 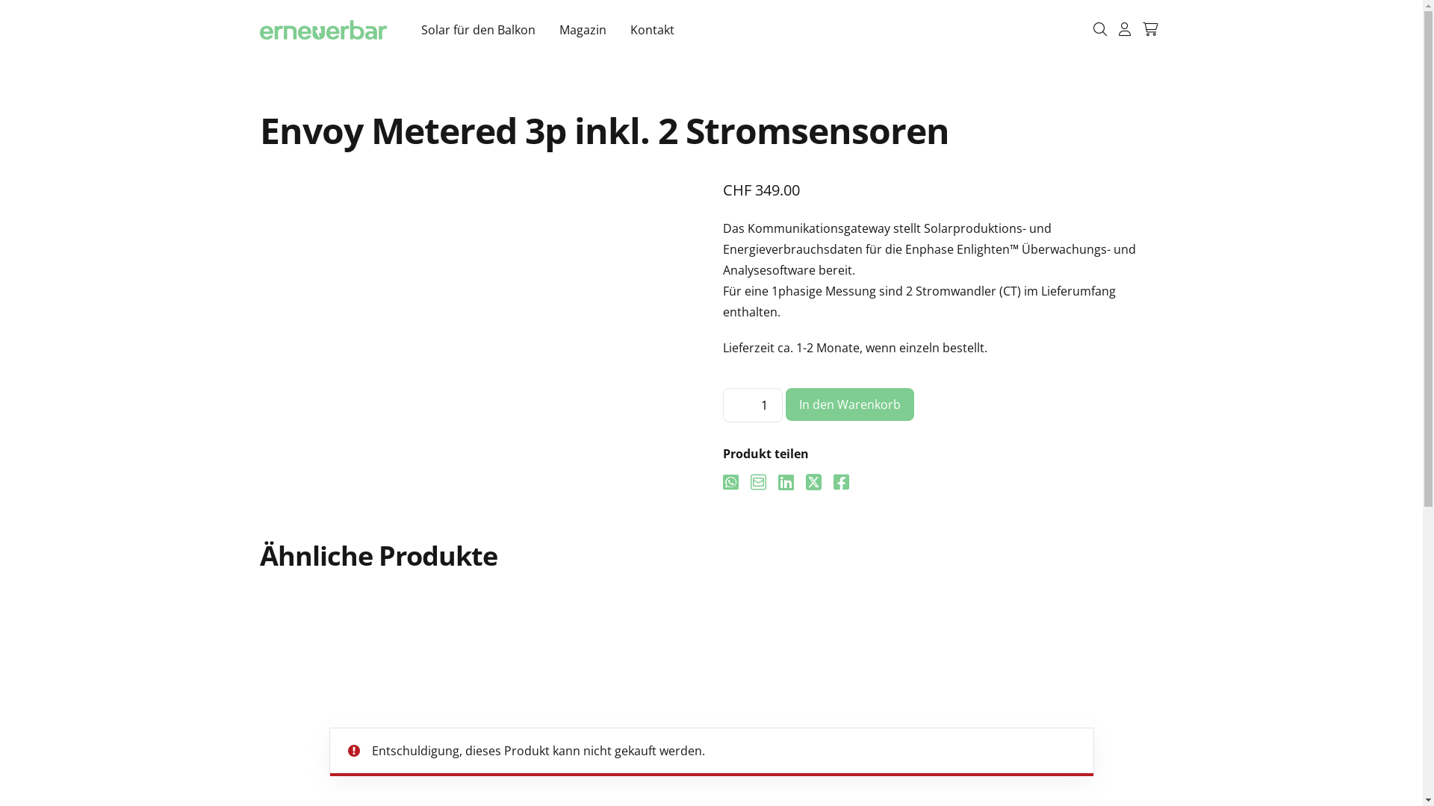 What do you see at coordinates (849, 404) in the screenshot?
I see `'In den Warenkorb'` at bounding box center [849, 404].